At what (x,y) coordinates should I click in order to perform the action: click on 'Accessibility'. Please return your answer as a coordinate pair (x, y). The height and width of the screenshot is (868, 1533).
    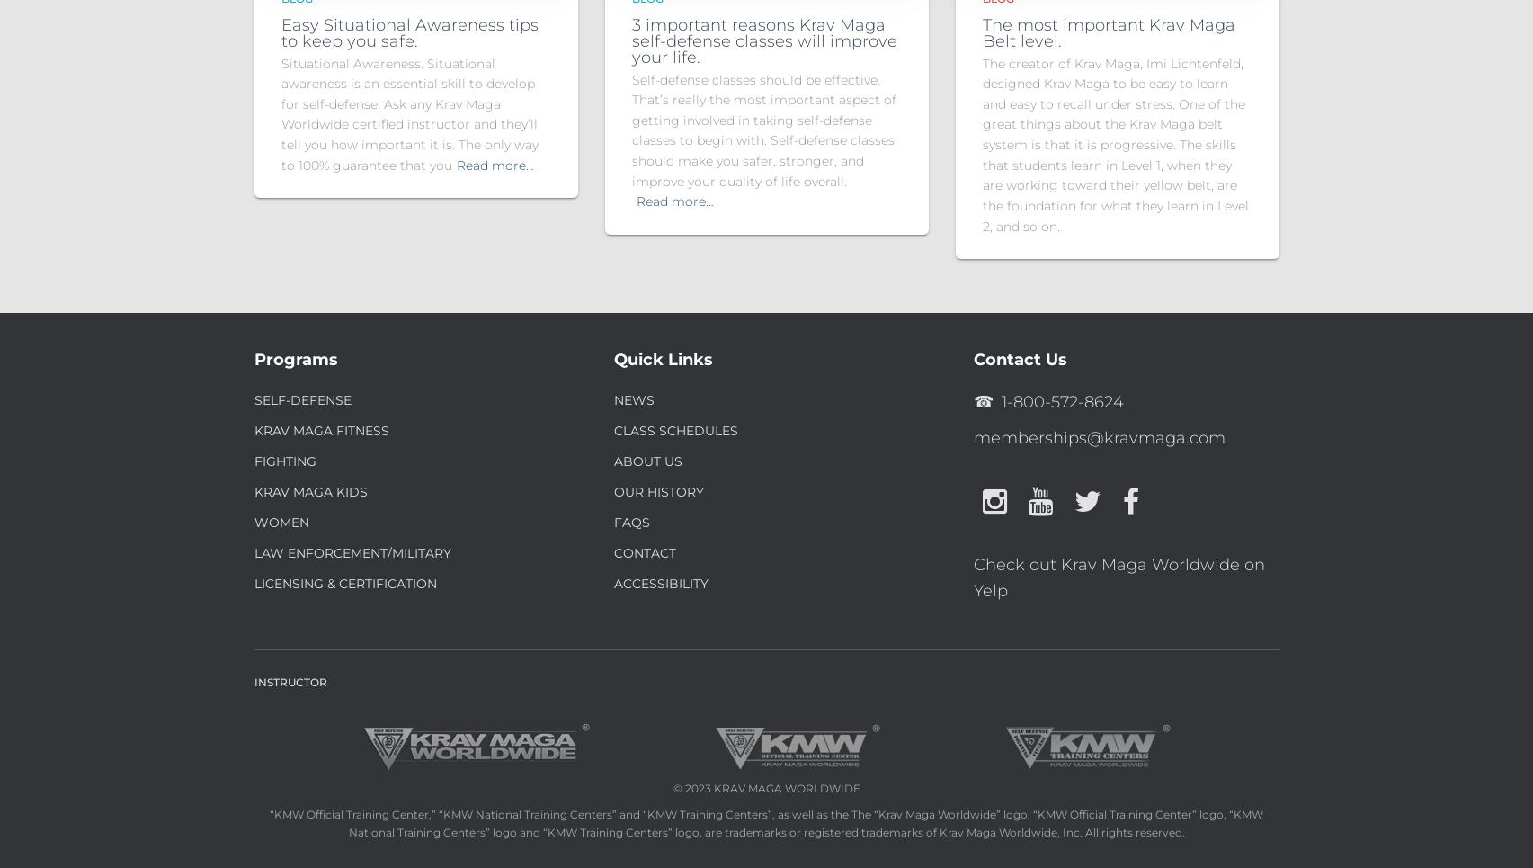
    Looking at the image, I should click on (613, 583).